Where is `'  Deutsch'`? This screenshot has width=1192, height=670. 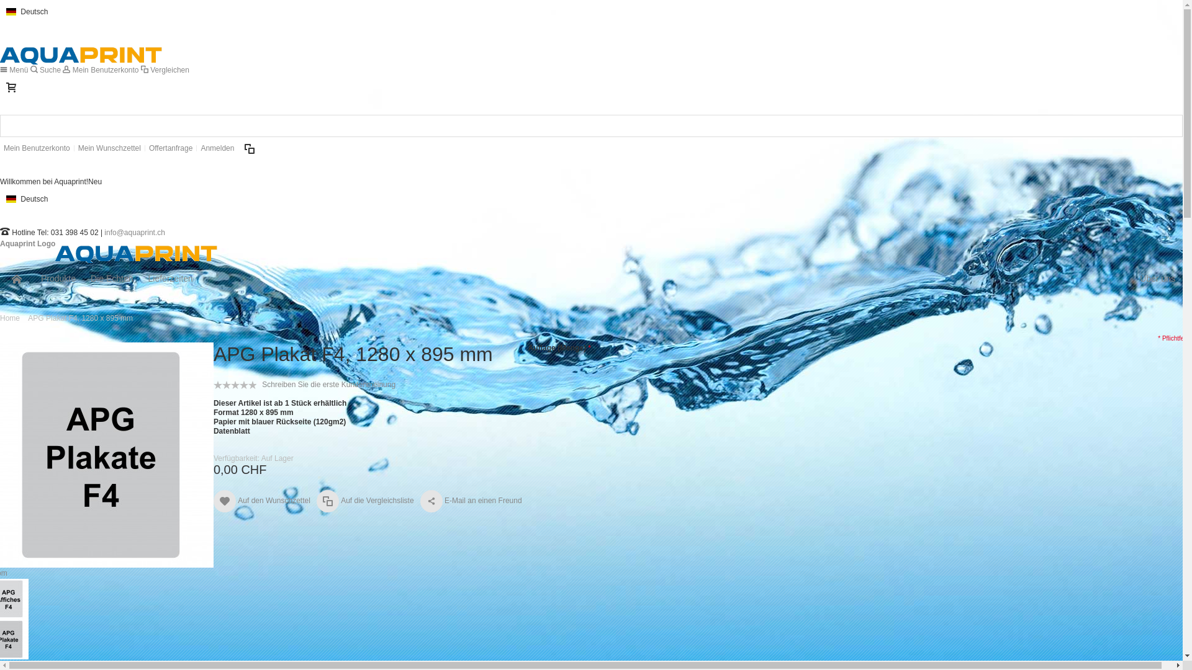
'  Deutsch' is located at coordinates (0, 11).